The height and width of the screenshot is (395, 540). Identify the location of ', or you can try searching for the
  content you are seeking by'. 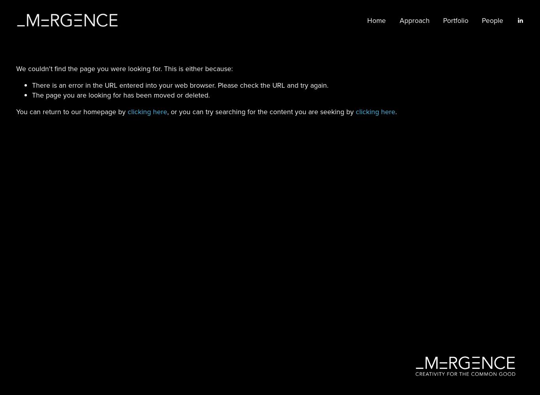
(261, 111).